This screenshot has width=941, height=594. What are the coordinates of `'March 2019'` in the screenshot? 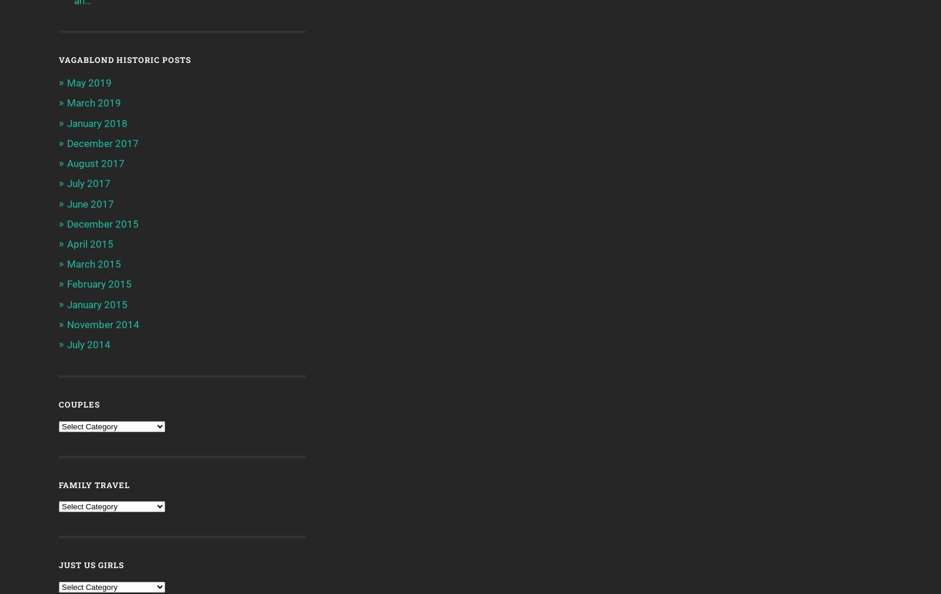 It's located at (94, 102).